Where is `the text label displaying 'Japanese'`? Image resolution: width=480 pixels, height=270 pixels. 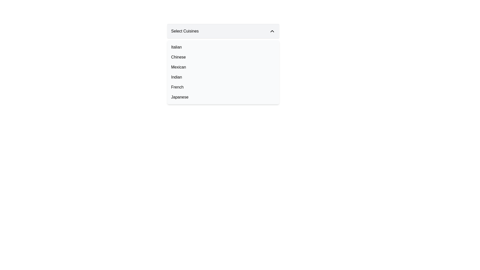
the text label displaying 'Japanese' is located at coordinates (180, 97).